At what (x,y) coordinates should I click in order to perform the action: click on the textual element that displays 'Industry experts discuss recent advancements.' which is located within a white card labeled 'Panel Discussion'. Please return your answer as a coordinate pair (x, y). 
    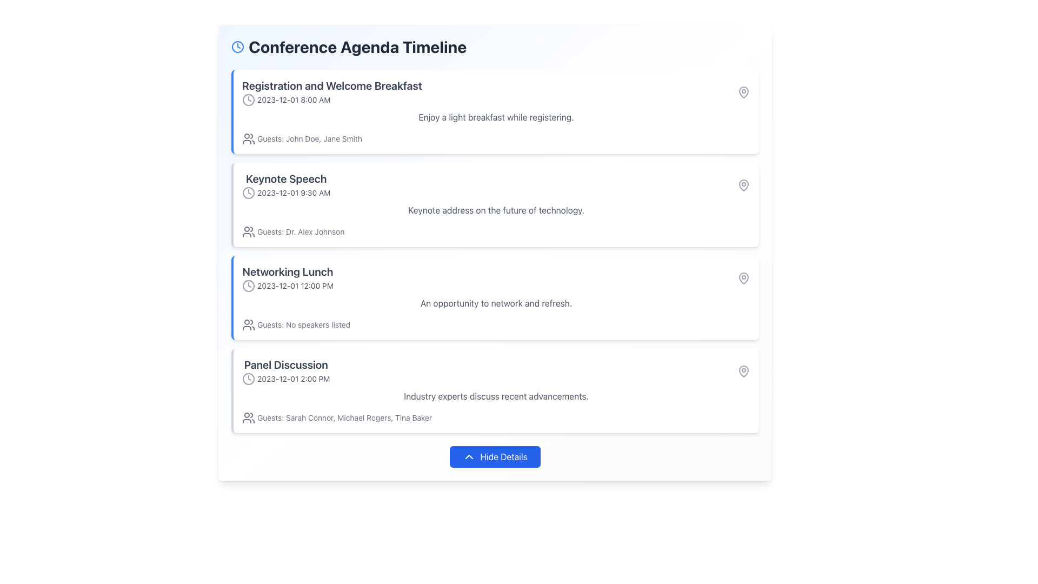
    Looking at the image, I should click on (495, 396).